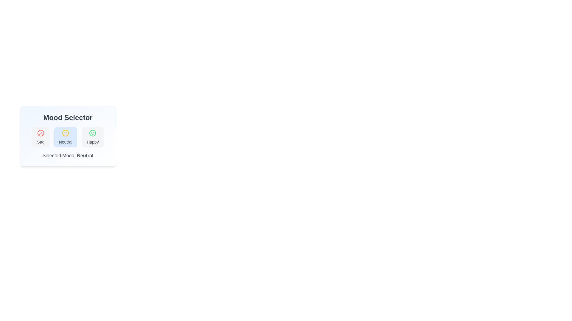 Image resolution: width=572 pixels, height=321 pixels. Describe the element at coordinates (40, 137) in the screenshot. I see `the mood option Sad to select it` at that location.